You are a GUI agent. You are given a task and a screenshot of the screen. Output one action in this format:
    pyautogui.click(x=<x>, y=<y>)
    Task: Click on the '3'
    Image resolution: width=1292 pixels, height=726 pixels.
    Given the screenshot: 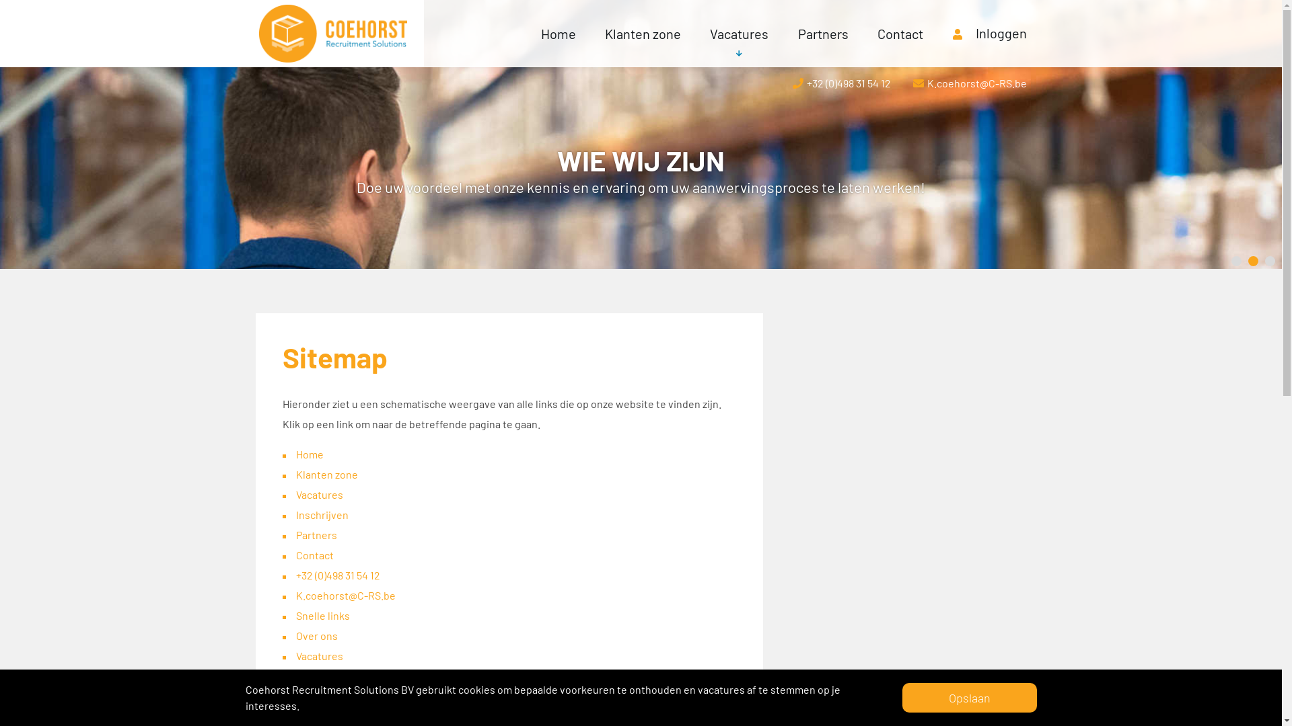 What is the action you would take?
    pyautogui.click(x=1264, y=261)
    